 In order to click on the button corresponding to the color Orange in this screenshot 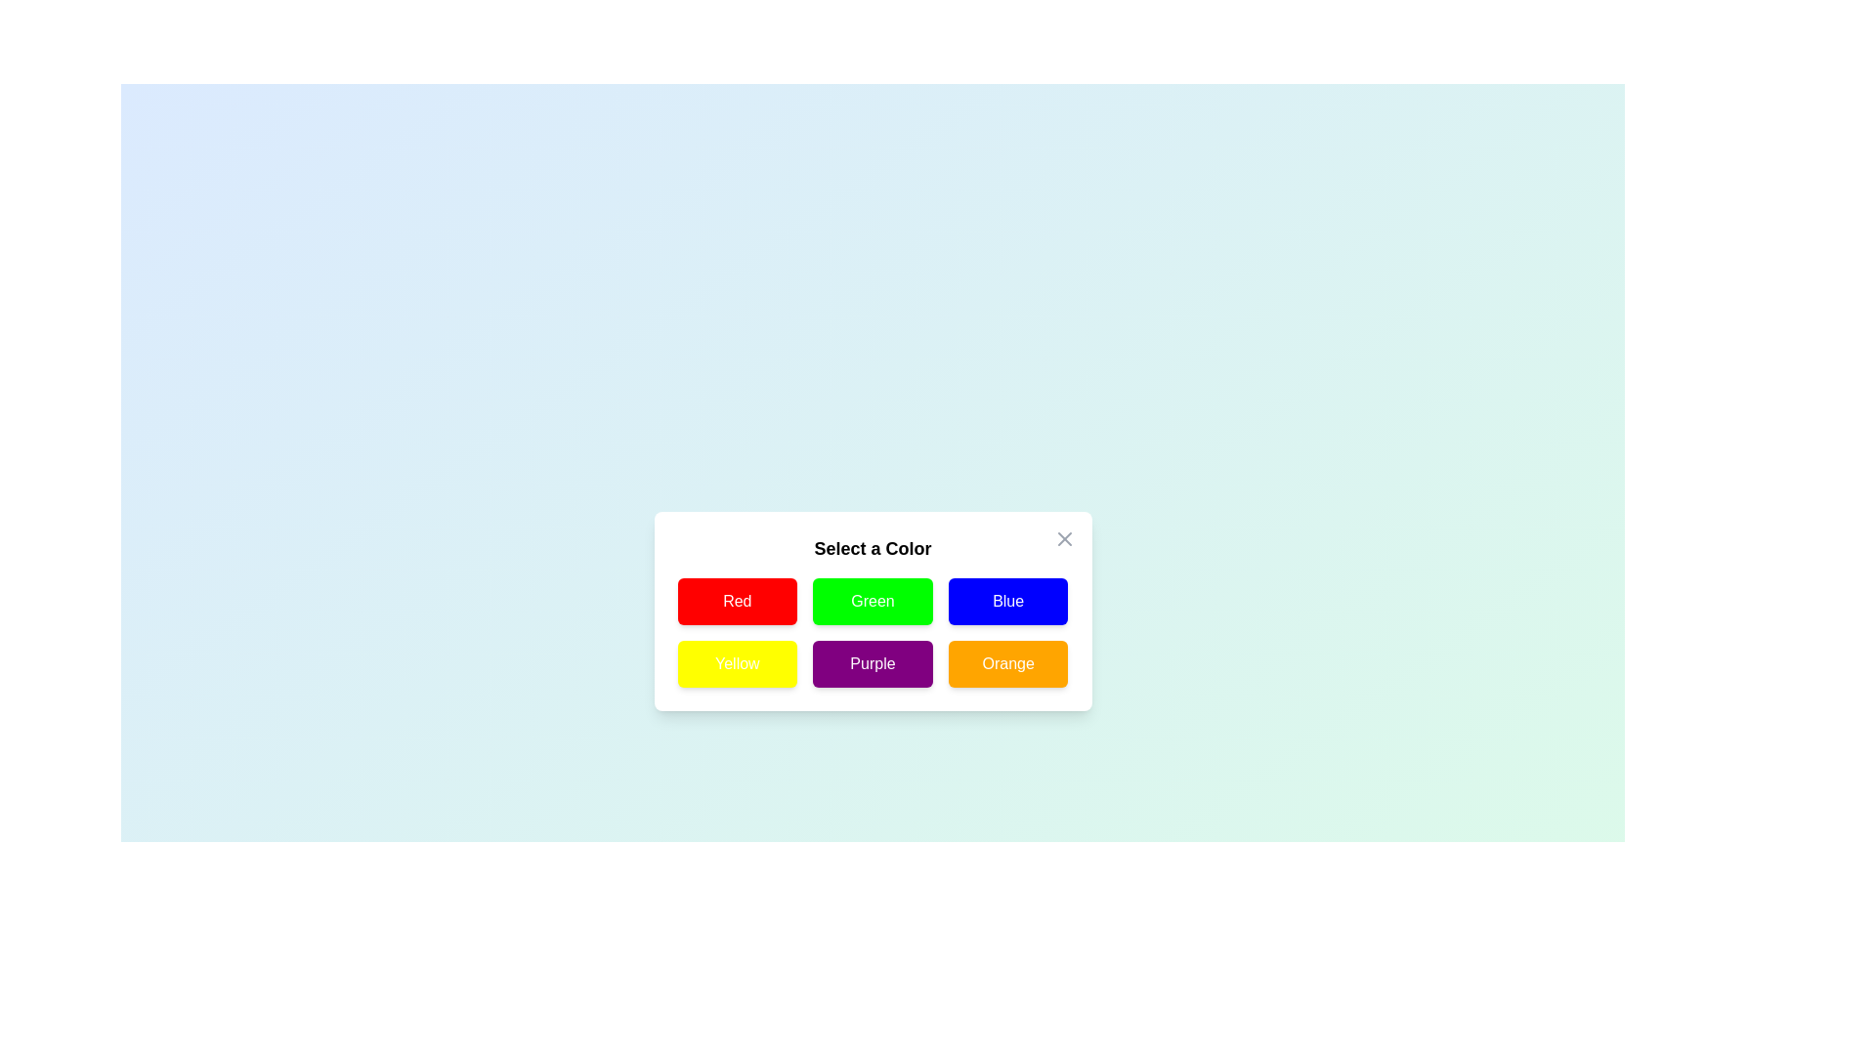, I will do `click(1008, 662)`.